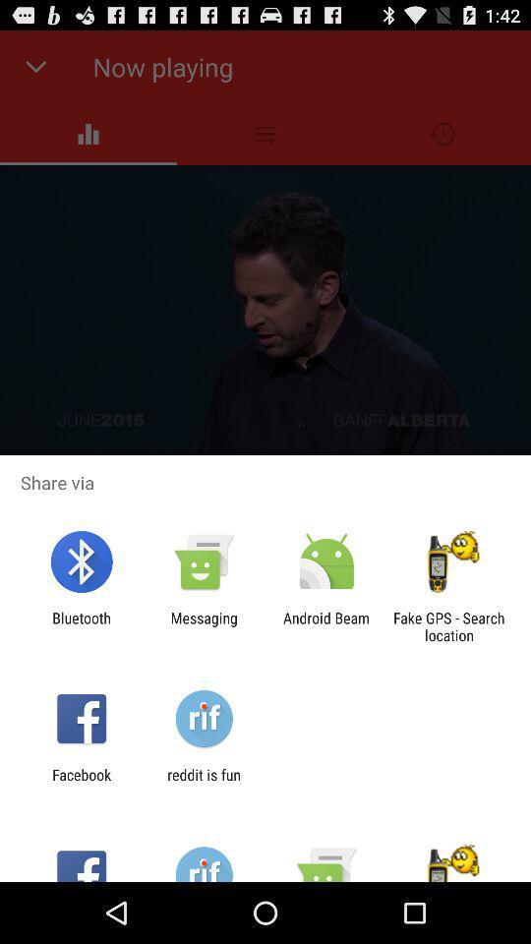  Describe the element at coordinates (203, 783) in the screenshot. I see `app next to facebook` at that location.